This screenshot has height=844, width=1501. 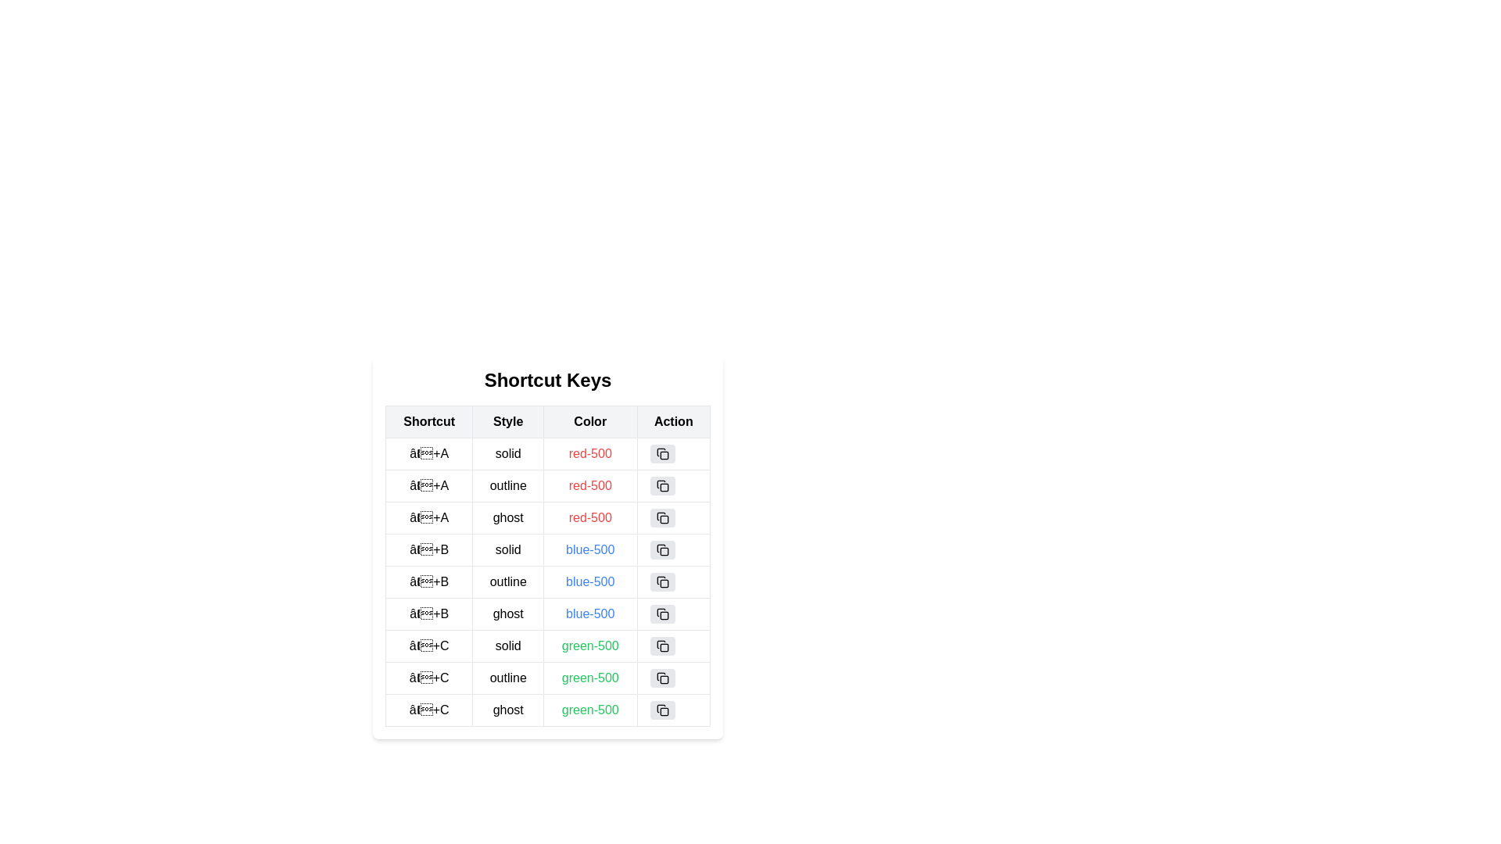 I want to click on the rectangular component of the copy icon in the 'Action' column corresponding to the 'Ctrl+C solid green-500' entry in the table, so click(x=664, y=648).